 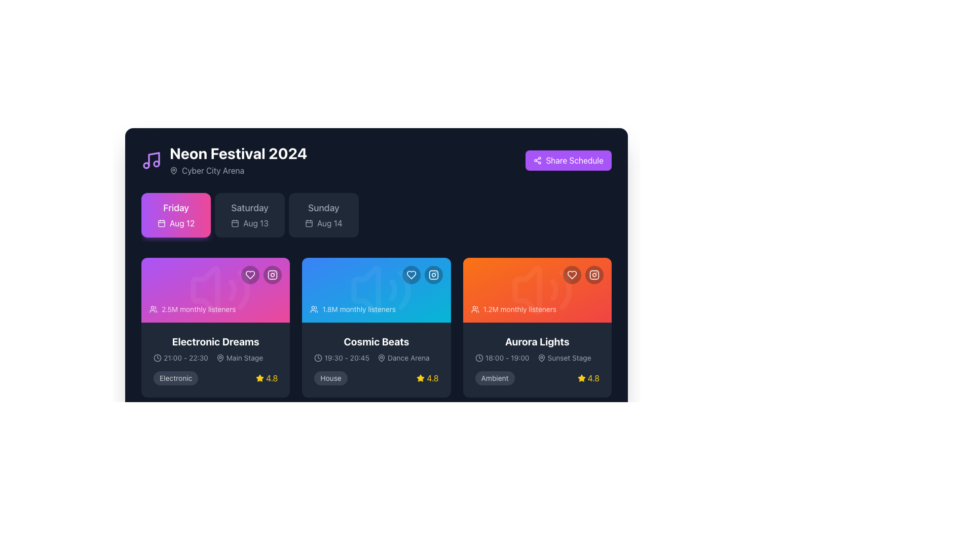 I want to click on the text label displaying 'Sunday', which is styled with a larger, medium-bold font in light gray against a darker background, located in the top-right corner of the festival day containers, so click(x=323, y=208).